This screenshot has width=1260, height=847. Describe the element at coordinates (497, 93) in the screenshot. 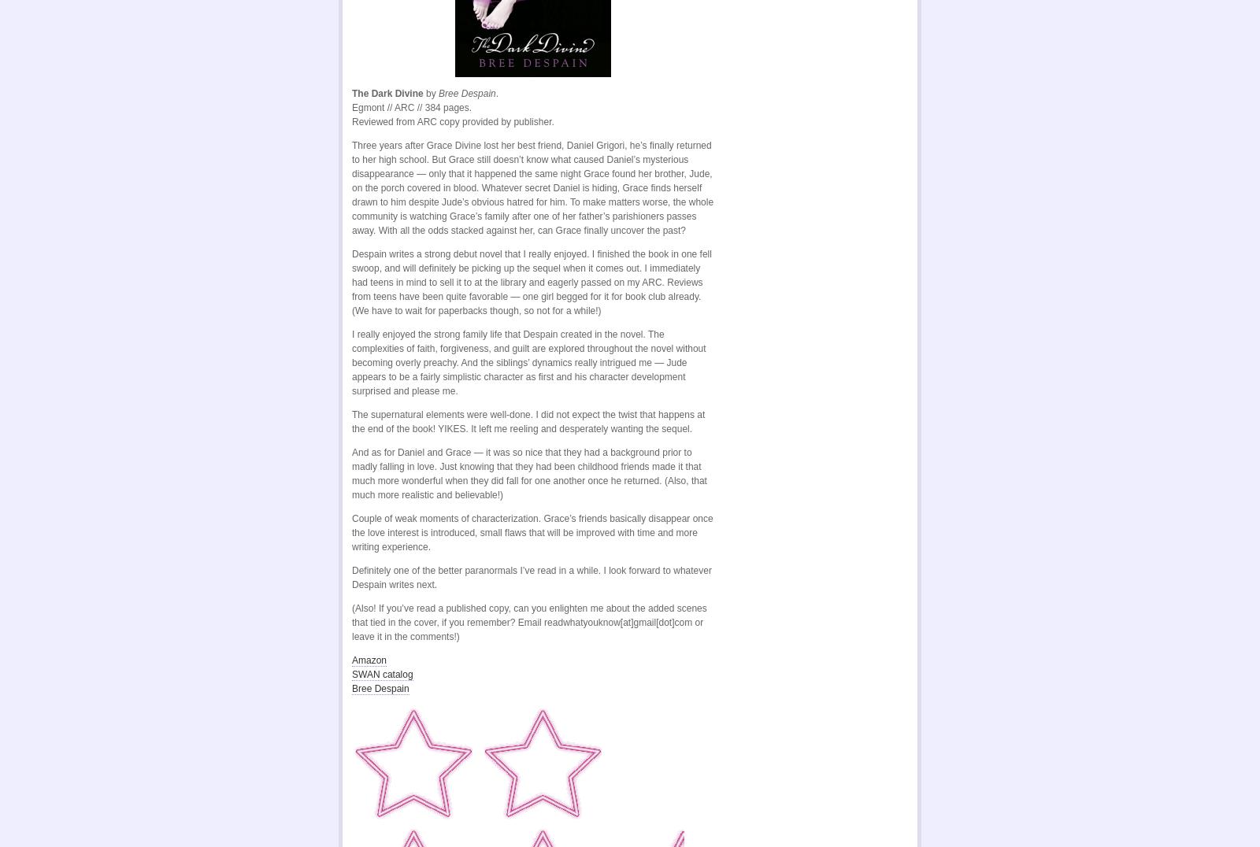

I see `'.'` at that location.